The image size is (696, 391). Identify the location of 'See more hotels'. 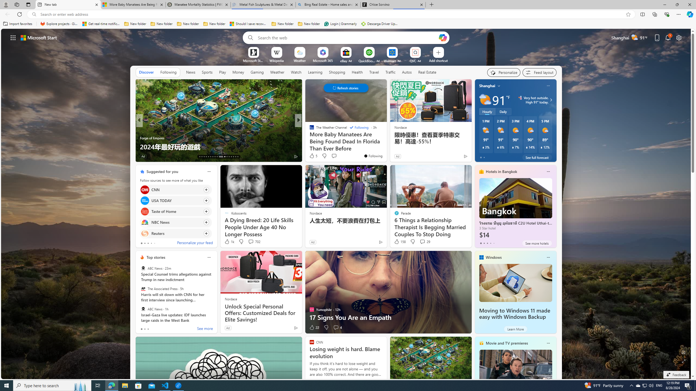
(537, 243).